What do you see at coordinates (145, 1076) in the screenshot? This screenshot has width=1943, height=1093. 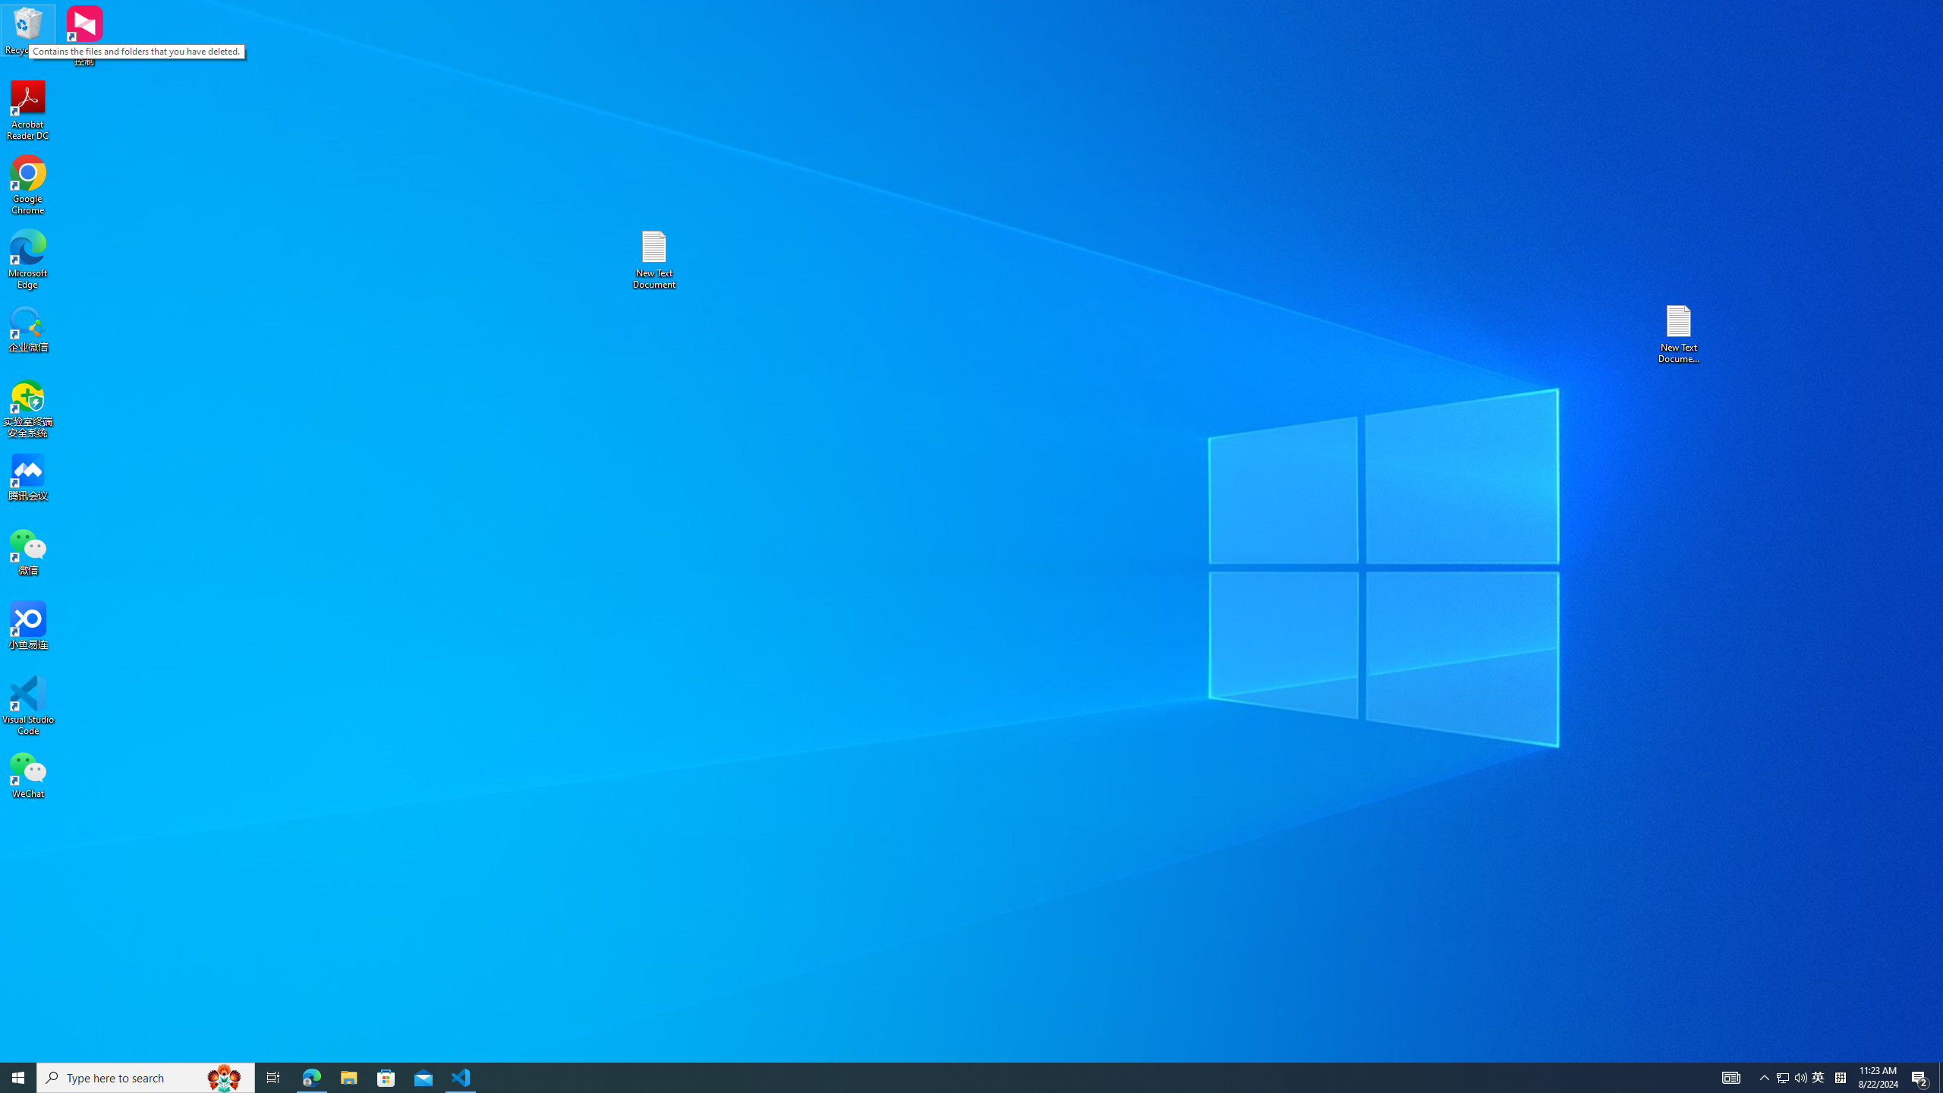 I see `'Type here to search'` at bounding box center [145, 1076].